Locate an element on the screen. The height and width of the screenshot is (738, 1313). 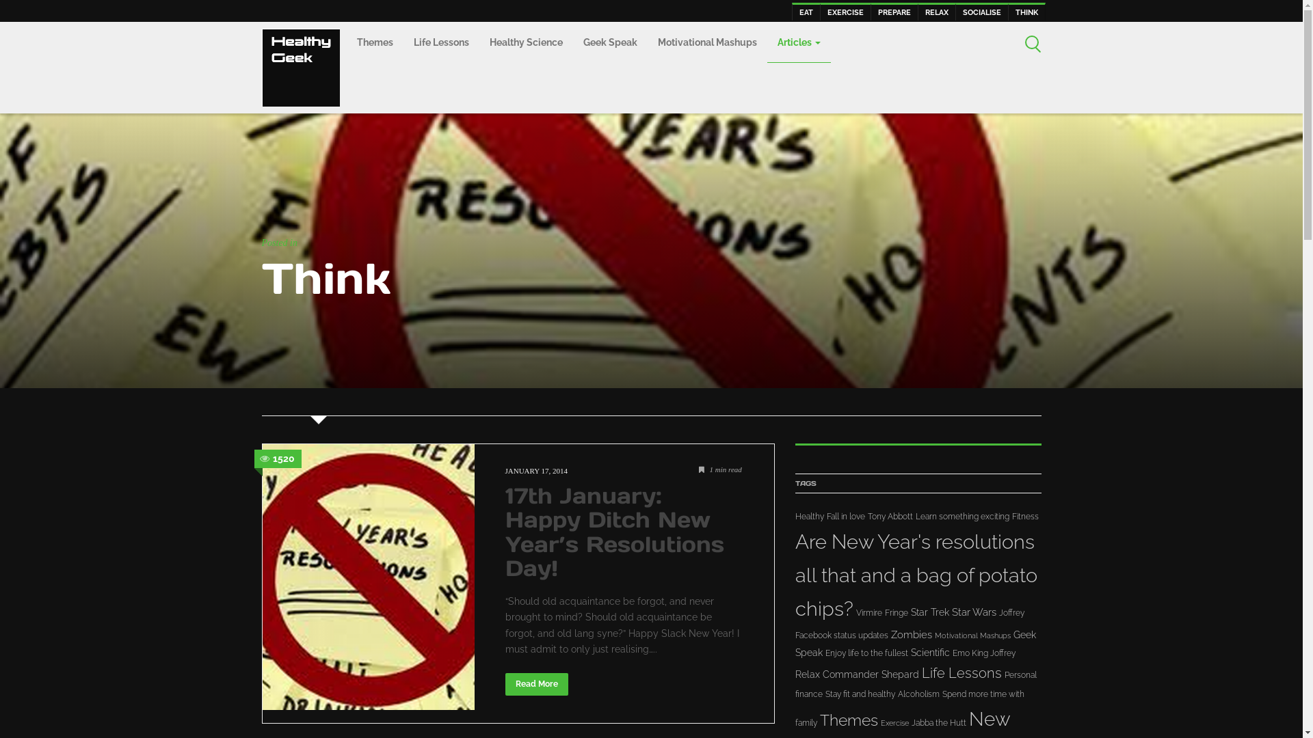
'Virmire' is located at coordinates (868, 612).